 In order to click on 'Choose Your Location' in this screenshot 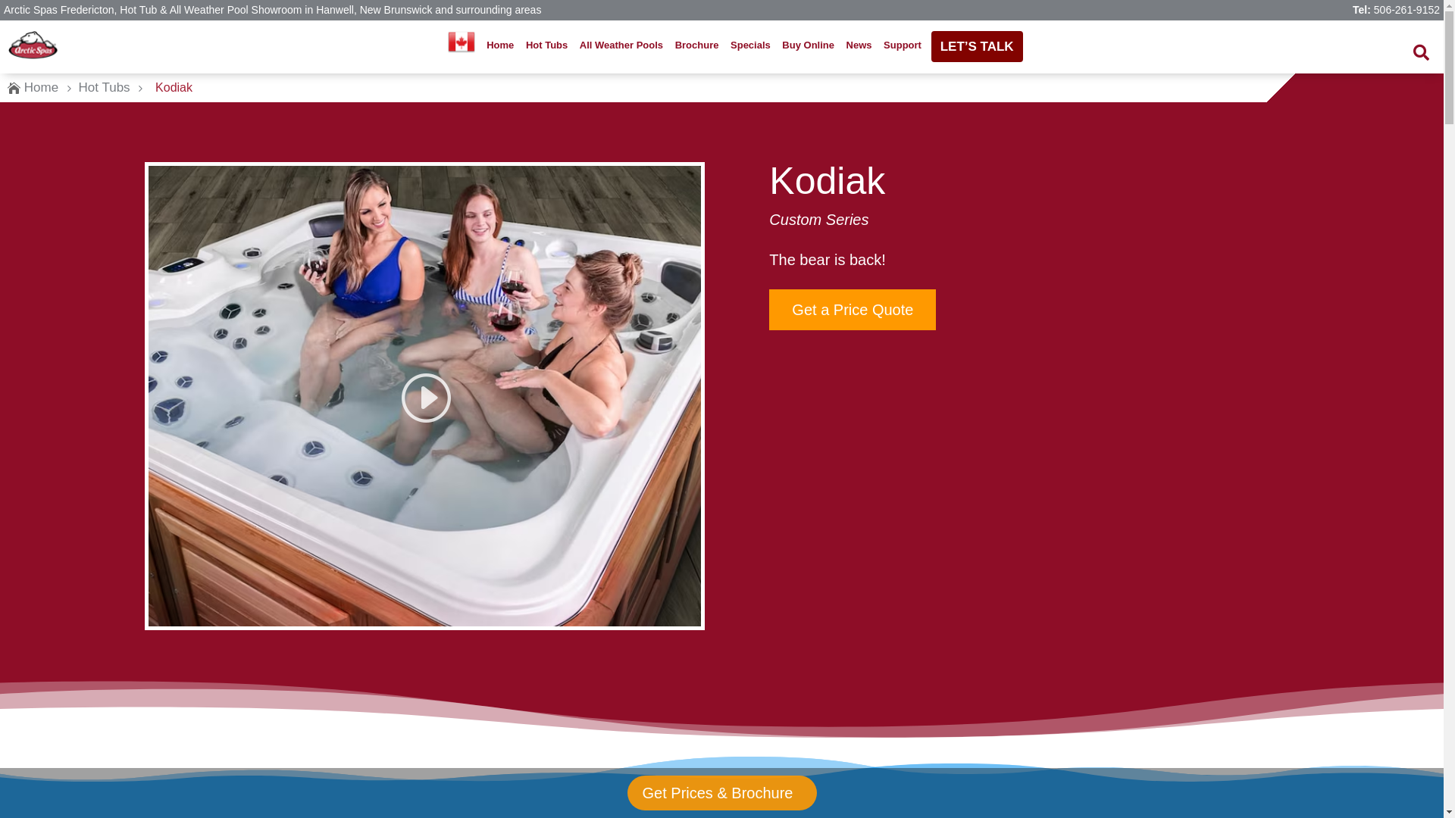, I will do `click(460, 44)`.